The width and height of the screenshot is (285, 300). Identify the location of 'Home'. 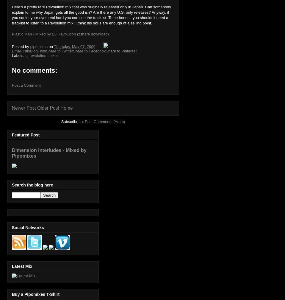
(66, 108).